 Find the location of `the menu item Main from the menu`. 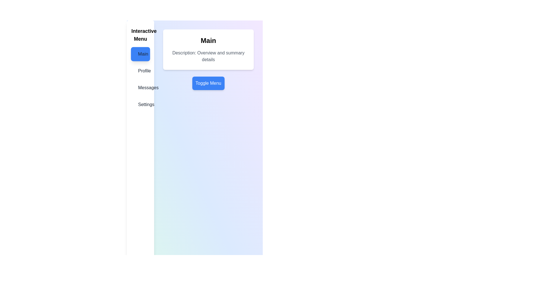

the menu item Main from the menu is located at coordinates (140, 54).